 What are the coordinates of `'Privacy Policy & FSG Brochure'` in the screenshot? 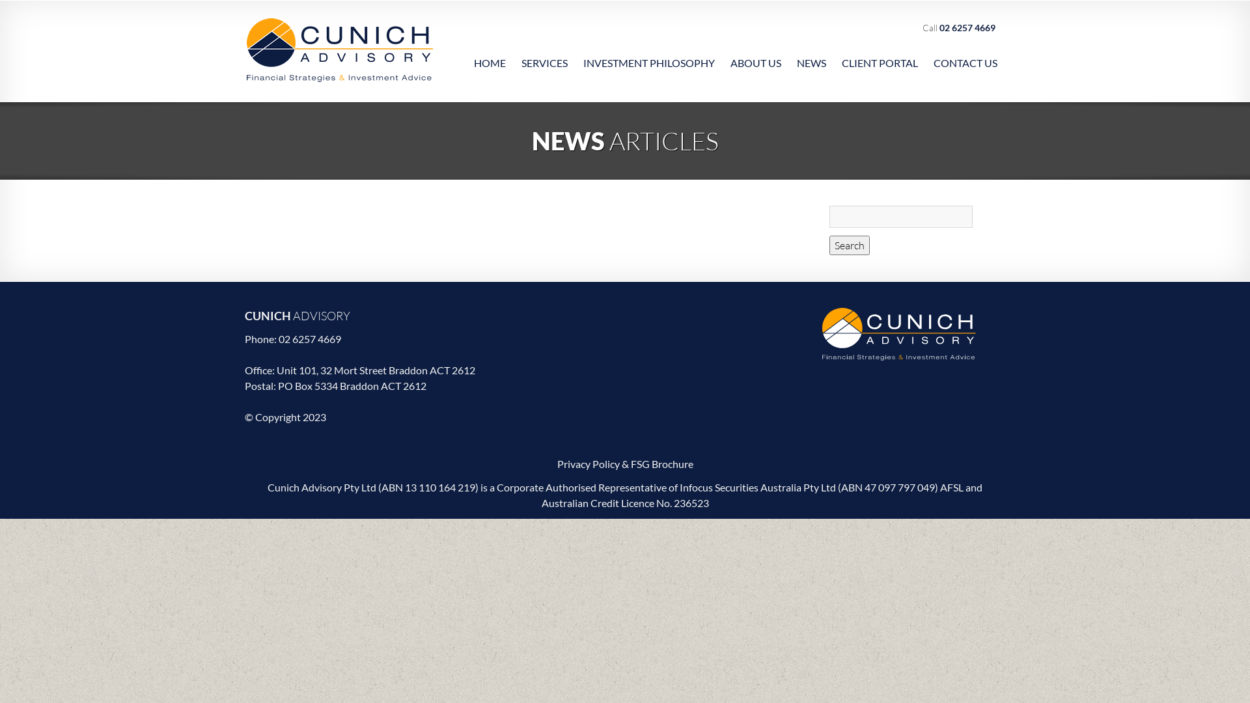 It's located at (625, 463).